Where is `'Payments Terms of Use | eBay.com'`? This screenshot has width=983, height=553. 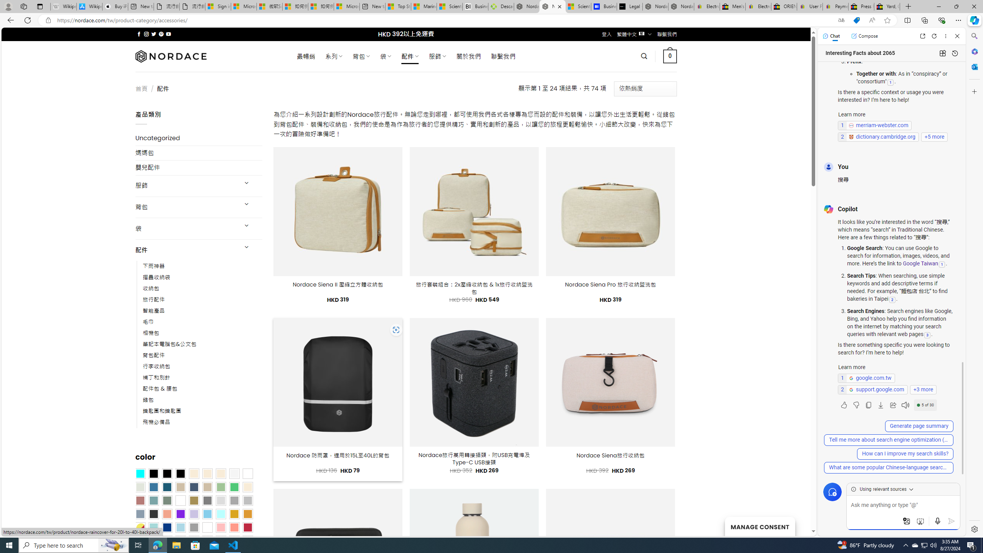 'Payments Terms of Use | eBay.com' is located at coordinates (836, 6).